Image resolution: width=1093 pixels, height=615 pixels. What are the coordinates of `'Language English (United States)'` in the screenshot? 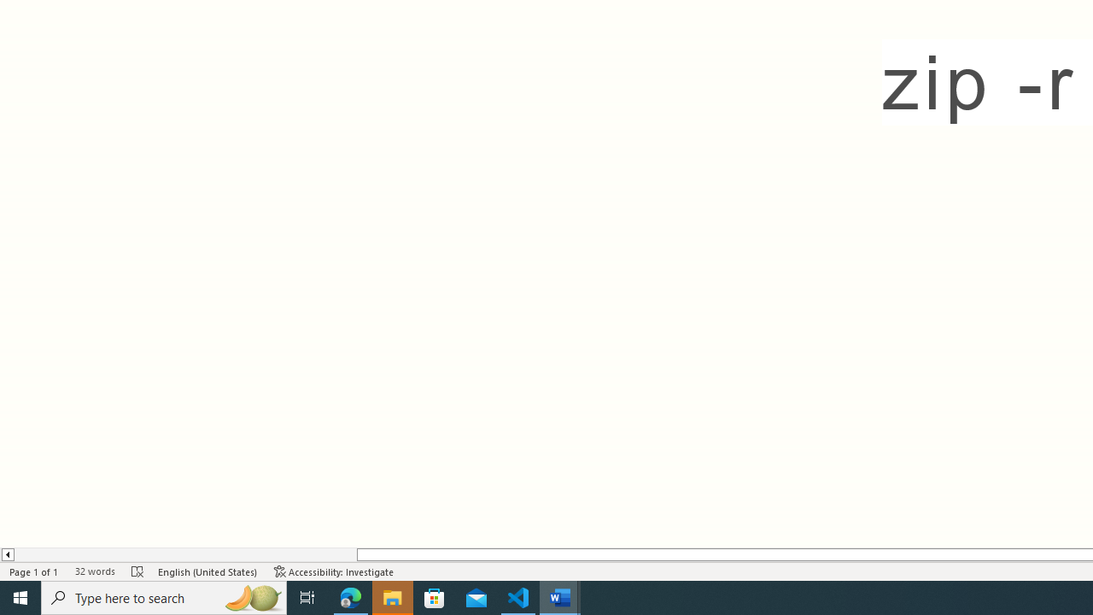 It's located at (207, 571).